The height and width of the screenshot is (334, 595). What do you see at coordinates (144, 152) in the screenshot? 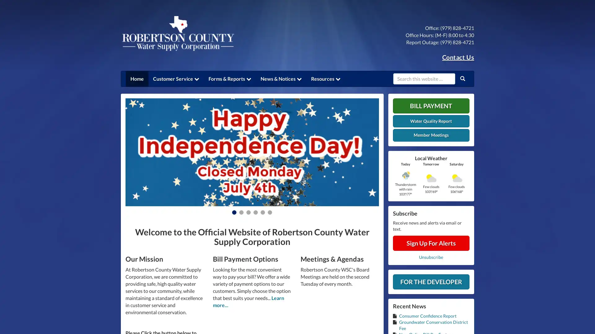
I see `Previous Slide` at bounding box center [144, 152].